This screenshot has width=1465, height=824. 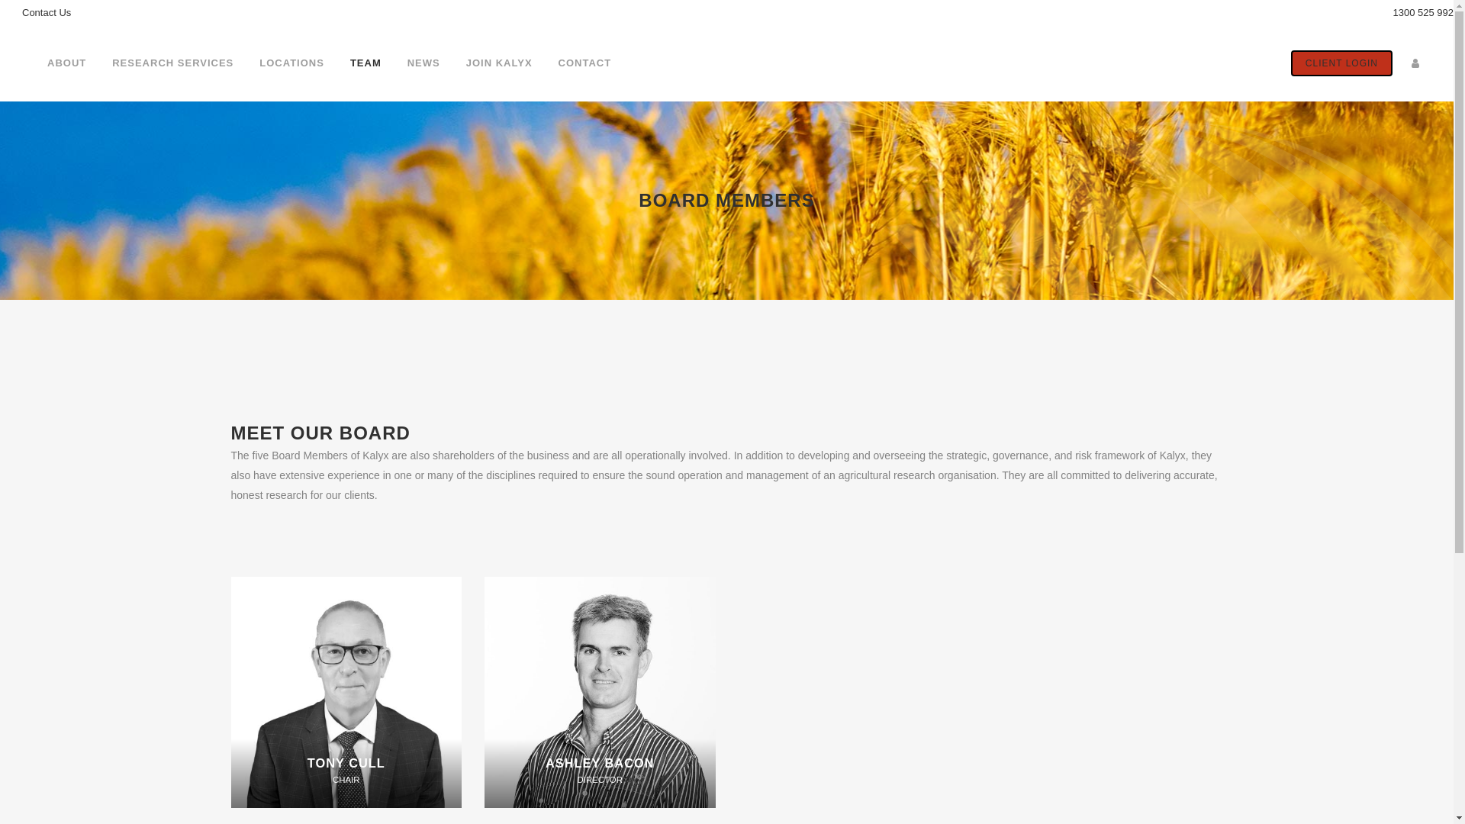 I want to click on 'RESEARCH SERVICES', so click(x=98, y=63).